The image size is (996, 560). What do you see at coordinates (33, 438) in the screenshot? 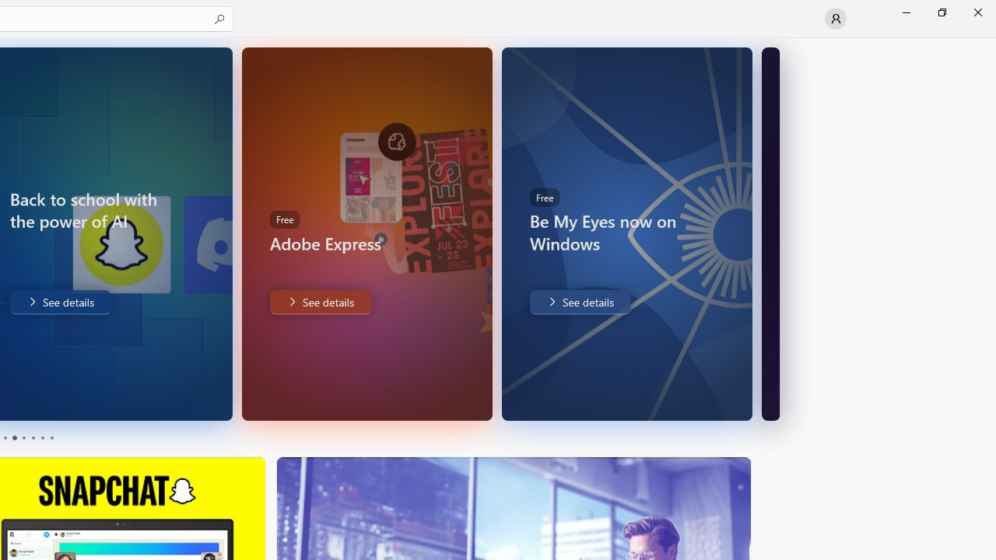
I see `'Page 4'` at bounding box center [33, 438].